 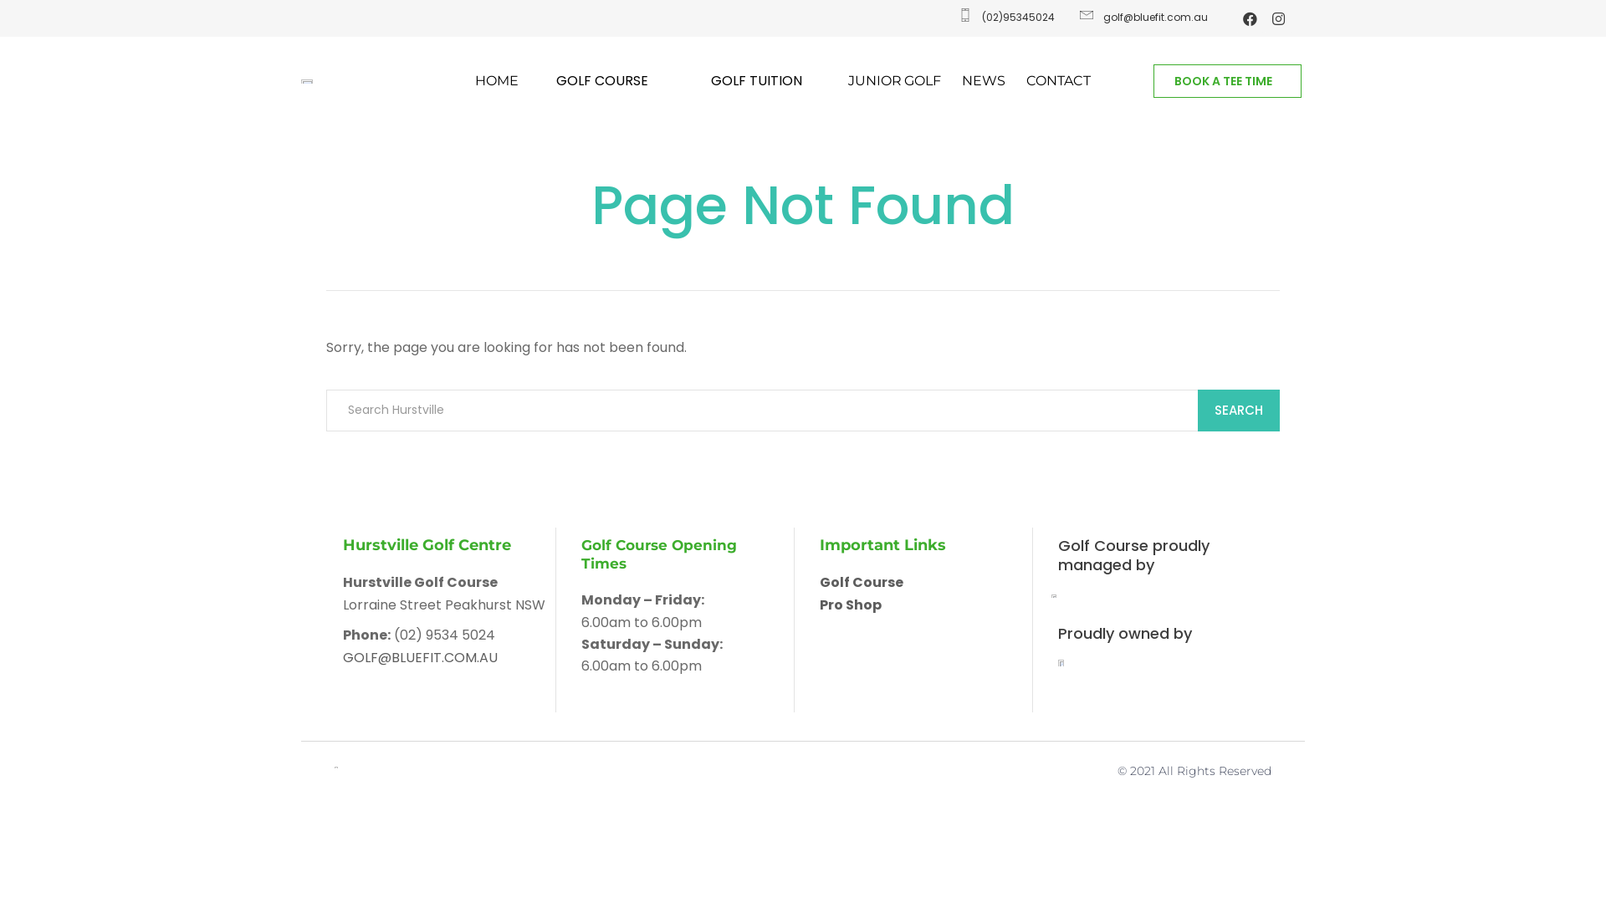 What do you see at coordinates (851, 605) in the screenshot?
I see `'Pro Shop'` at bounding box center [851, 605].